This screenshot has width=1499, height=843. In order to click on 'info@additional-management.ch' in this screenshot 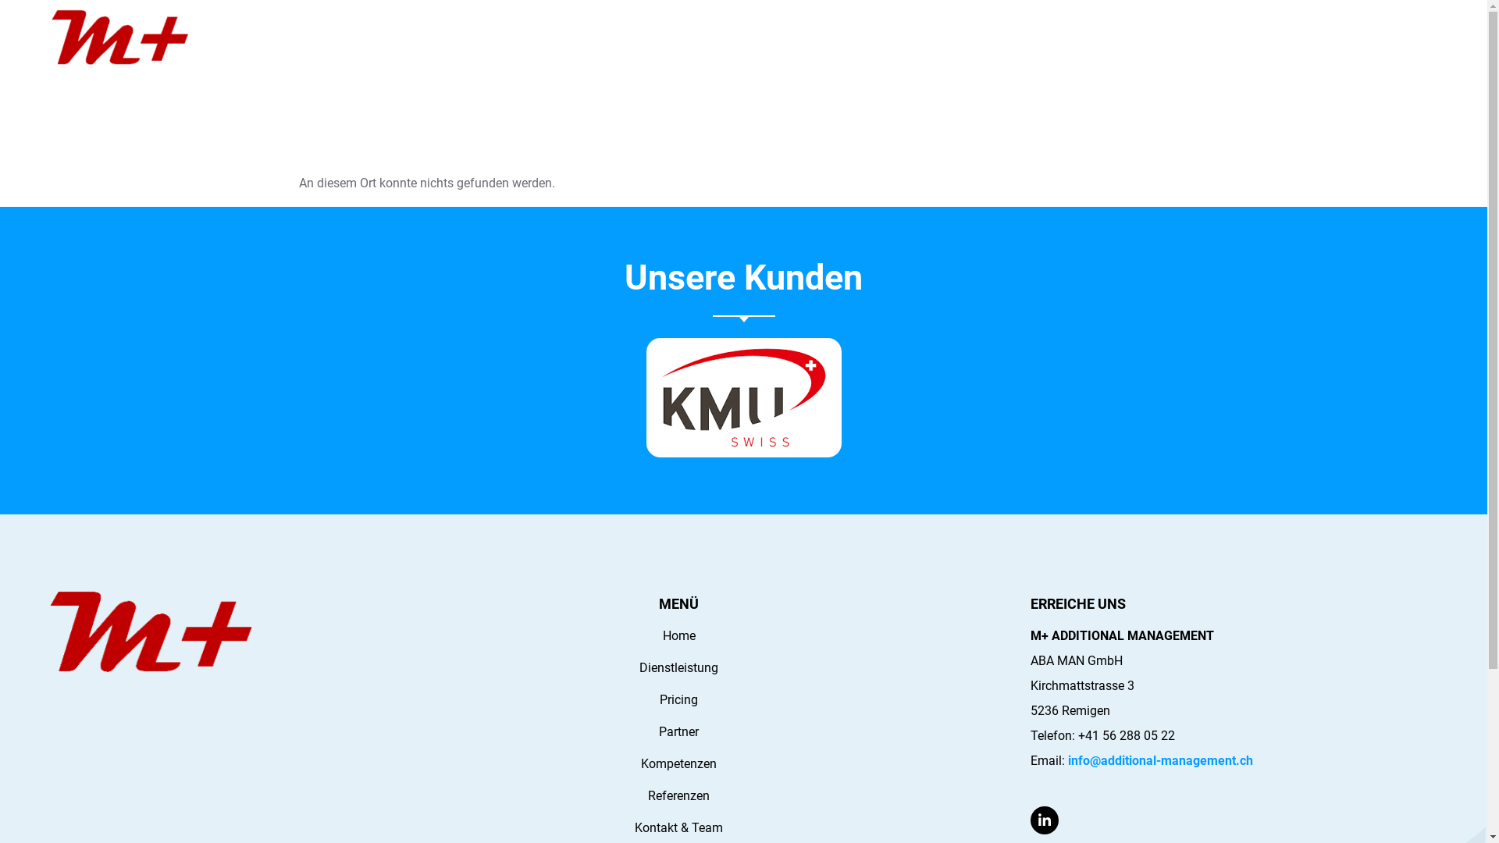, I will do `click(1067, 759)`.